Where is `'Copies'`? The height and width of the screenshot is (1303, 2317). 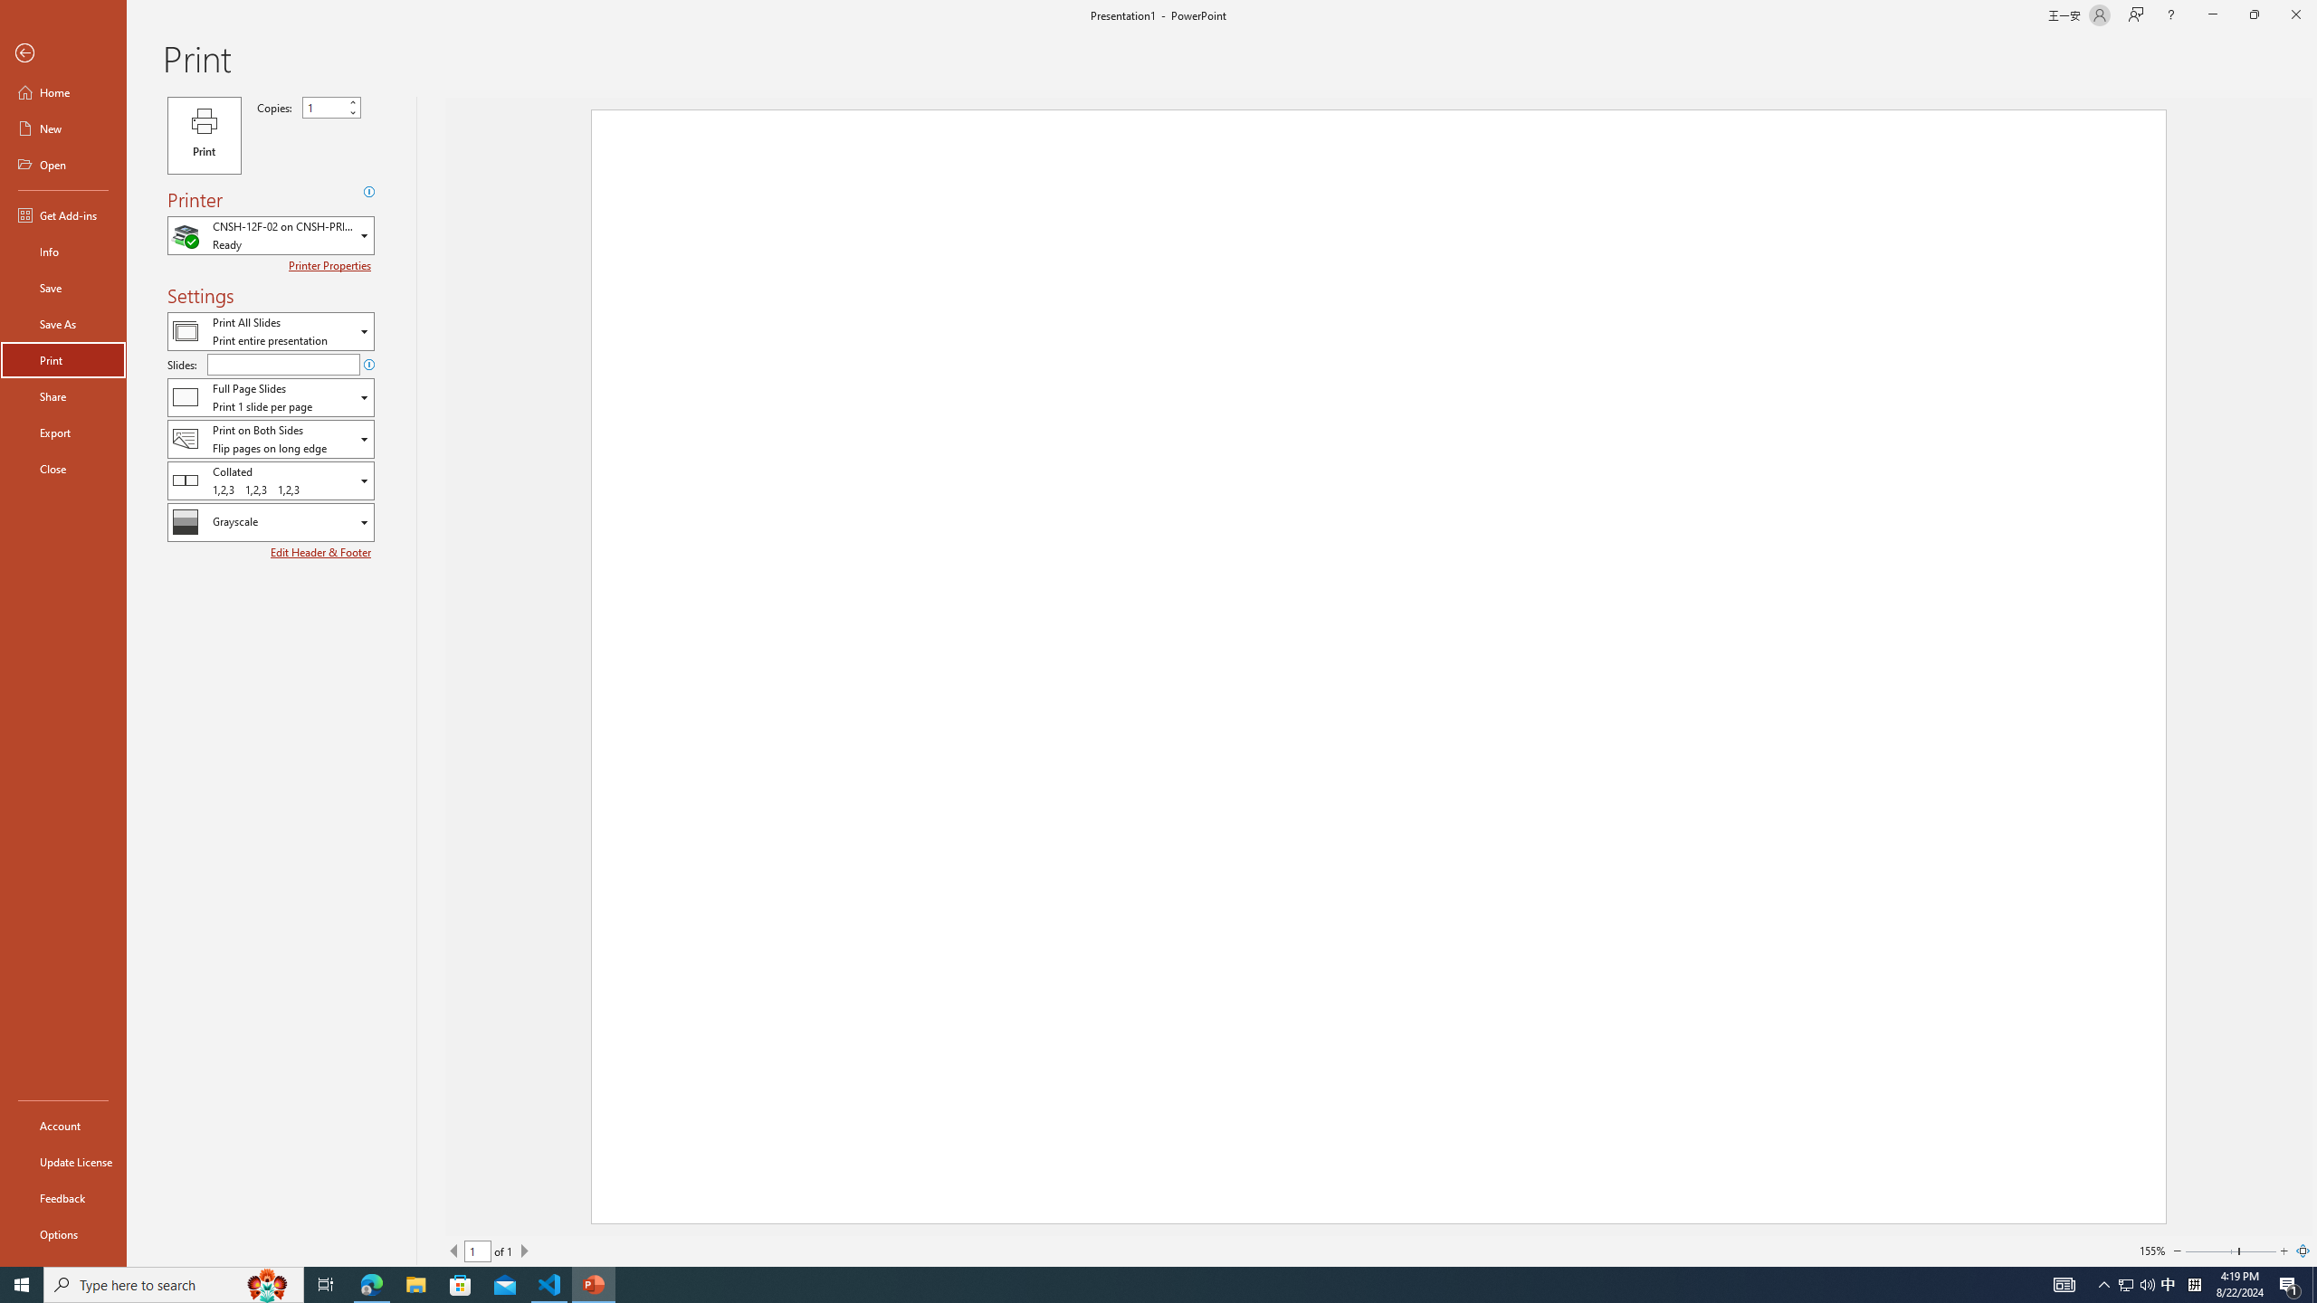
'Copies' is located at coordinates (331, 107).